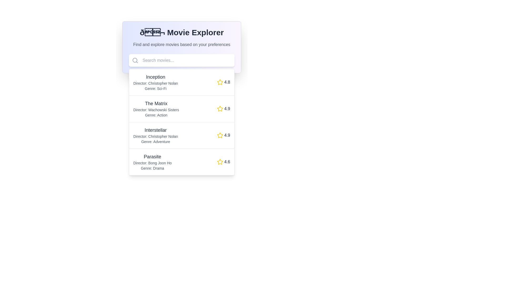 The width and height of the screenshot is (505, 284). Describe the element at coordinates (227, 162) in the screenshot. I see `the numerical text label displaying the value '4.6' which is styled in light gray, located to the right of the yellow star icon in the fourth movie entry for 'Parasite'` at that location.